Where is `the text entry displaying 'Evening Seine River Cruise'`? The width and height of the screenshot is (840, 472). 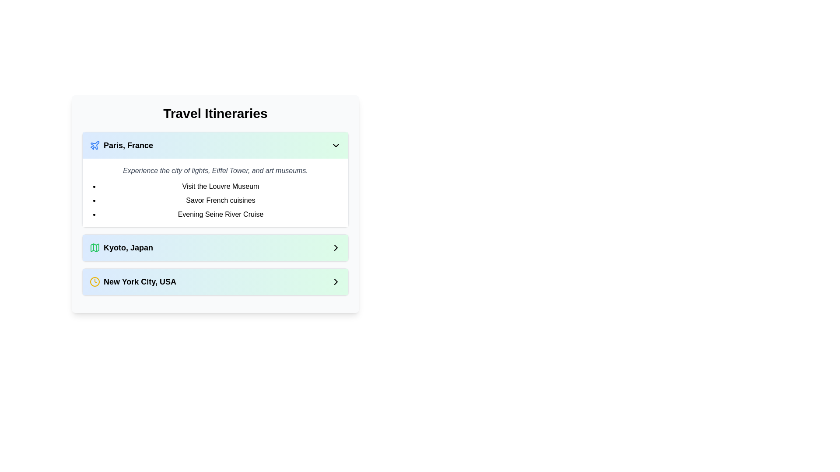 the text entry displaying 'Evening Seine River Cruise' is located at coordinates (220, 214).